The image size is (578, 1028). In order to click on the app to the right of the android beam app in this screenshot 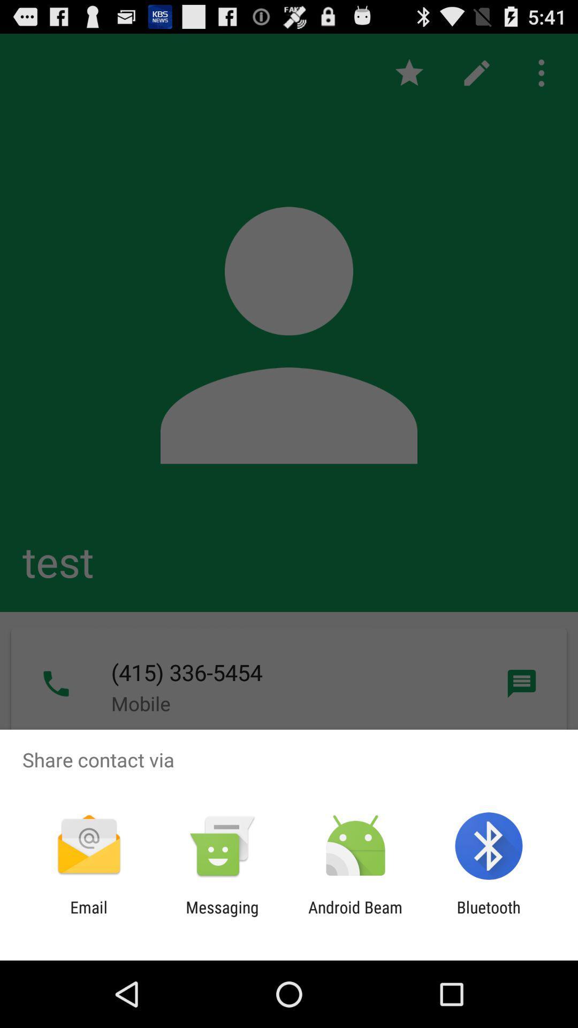, I will do `click(489, 916)`.